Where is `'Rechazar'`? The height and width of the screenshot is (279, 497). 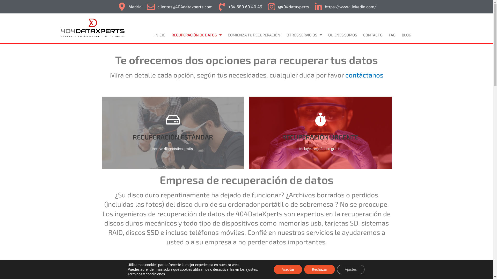
'Rechazar' is located at coordinates (319, 269).